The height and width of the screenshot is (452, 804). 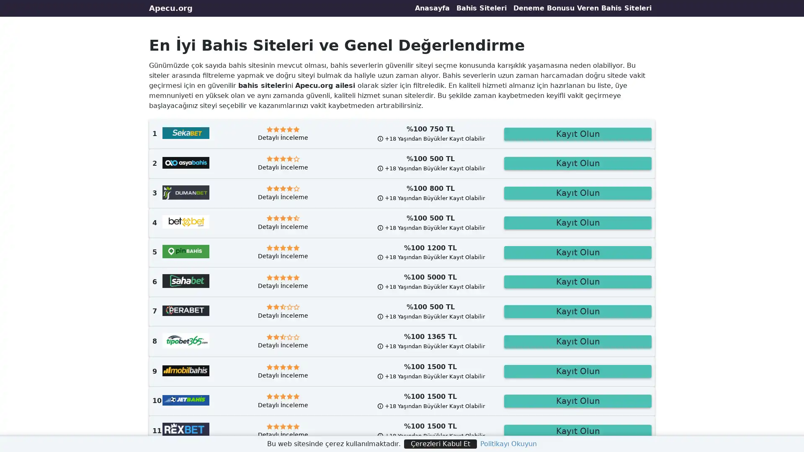 I want to click on Load terms and conditions, so click(x=430, y=168).